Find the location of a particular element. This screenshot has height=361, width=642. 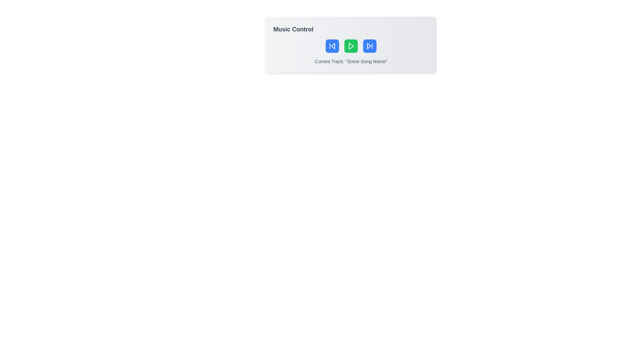

the backward skip icon button located in the Music Control section to skip to the previous track is located at coordinates (332, 46).